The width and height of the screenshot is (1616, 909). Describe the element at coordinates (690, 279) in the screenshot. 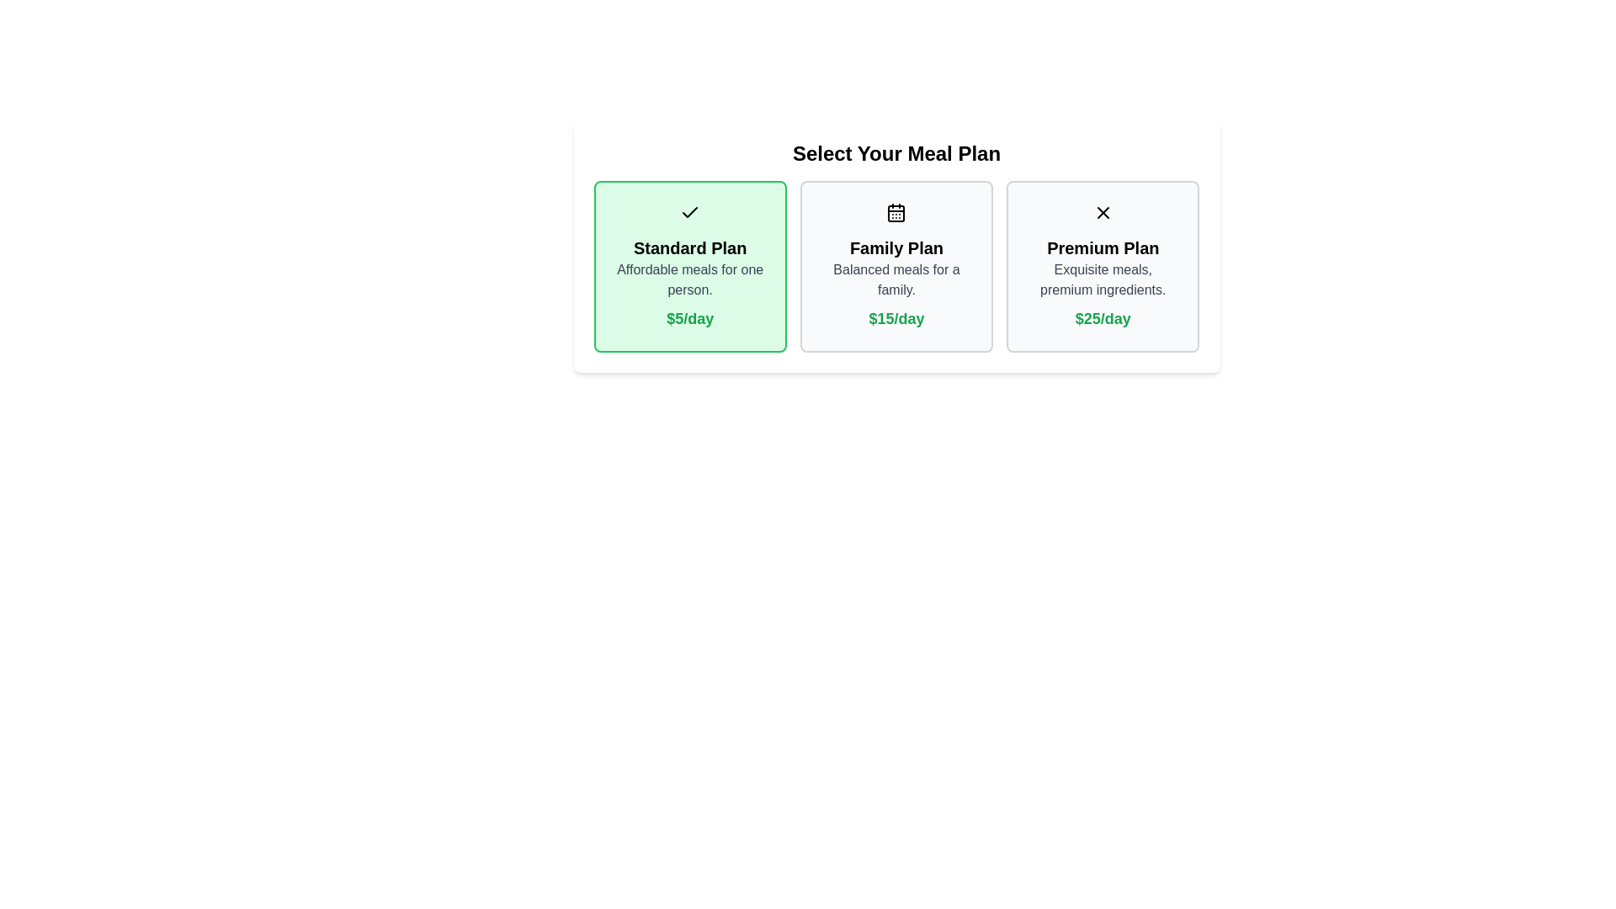

I see `text 'Affordable meals for one person' which is styled in gray and located within the green-highlighted 'Standard Plan' card, positioned below the title 'Standard Plan'` at that location.